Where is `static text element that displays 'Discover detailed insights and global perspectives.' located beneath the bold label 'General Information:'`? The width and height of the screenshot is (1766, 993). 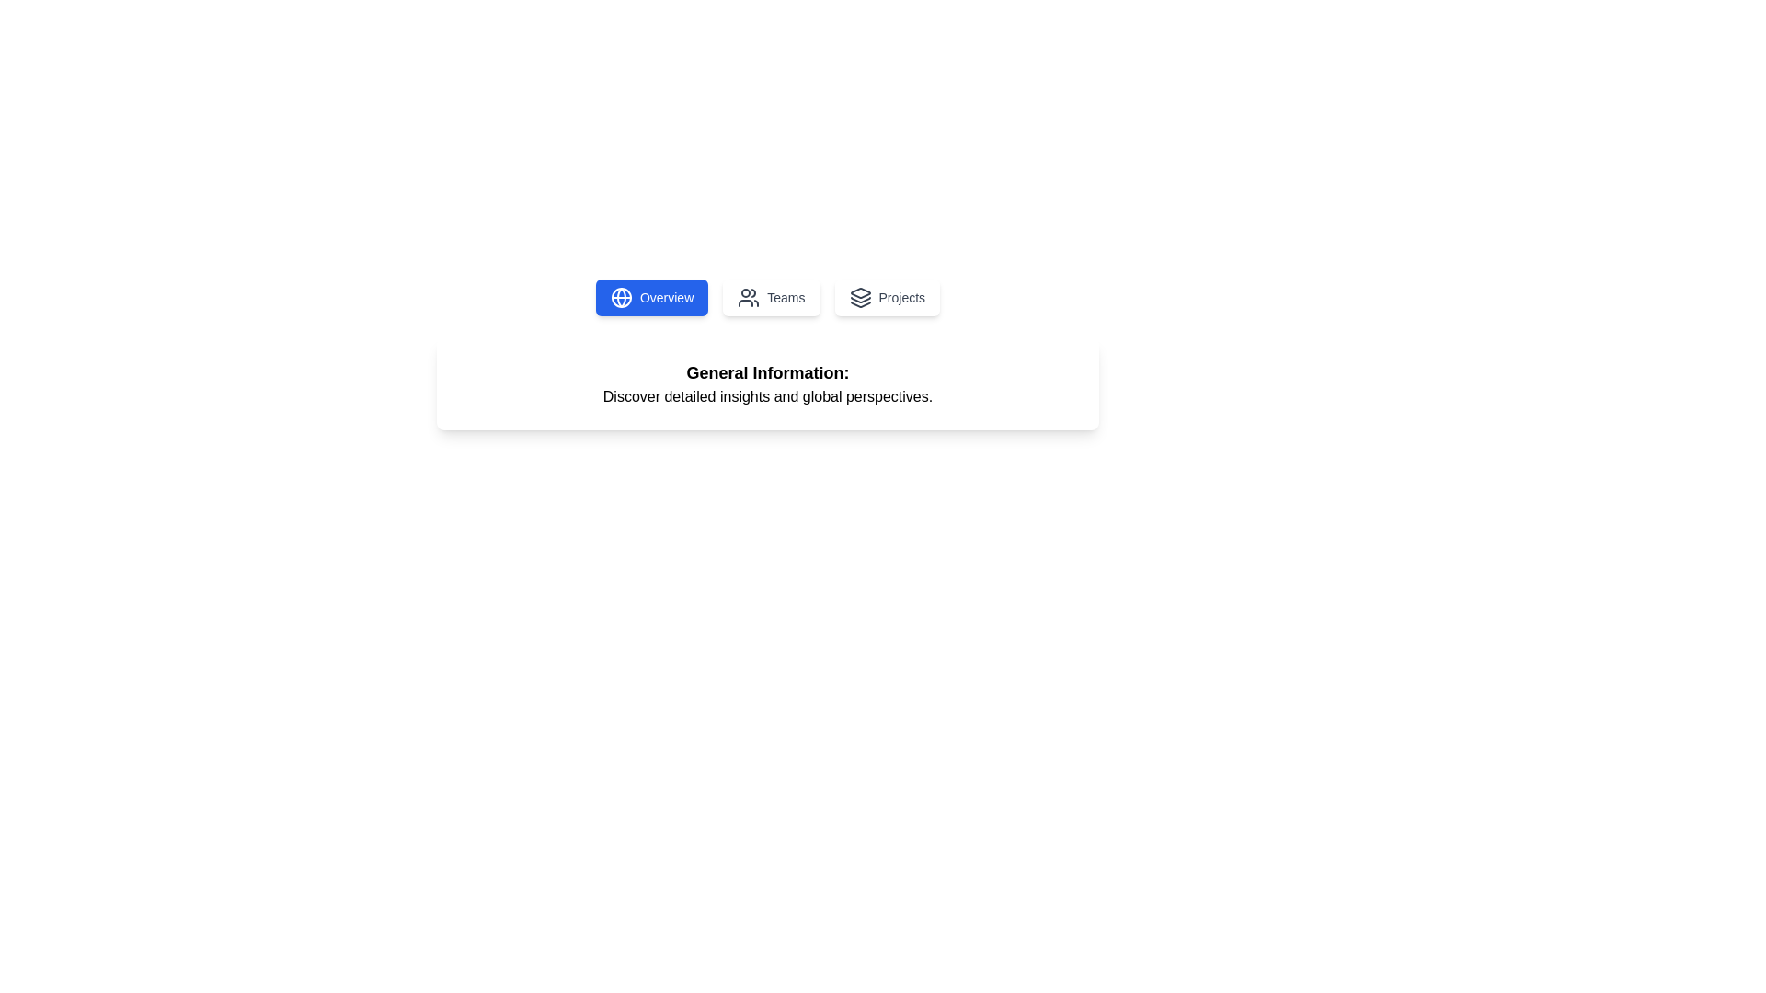
static text element that displays 'Discover detailed insights and global perspectives.' located beneath the bold label 'General Information:' is located at coordinates (768, 396).